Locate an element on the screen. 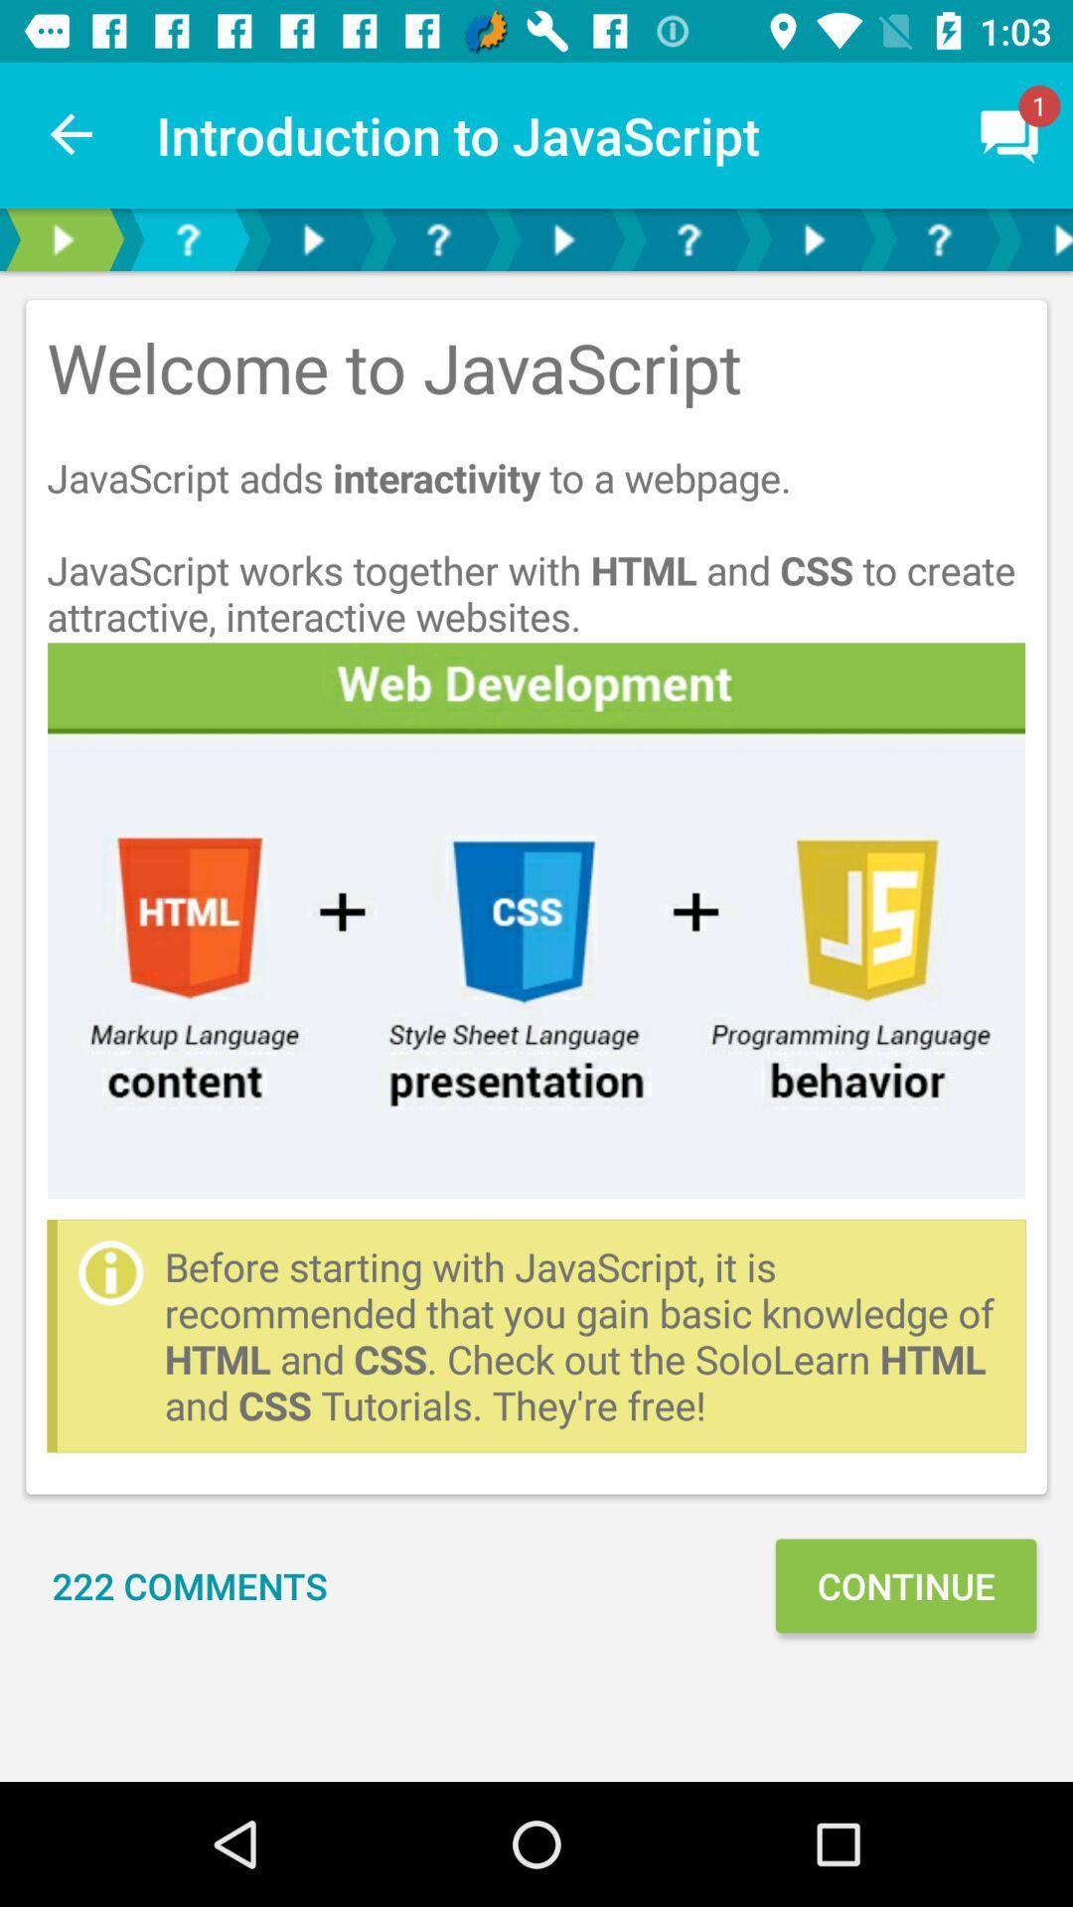  the help icon is located at coordinates (436, 238).